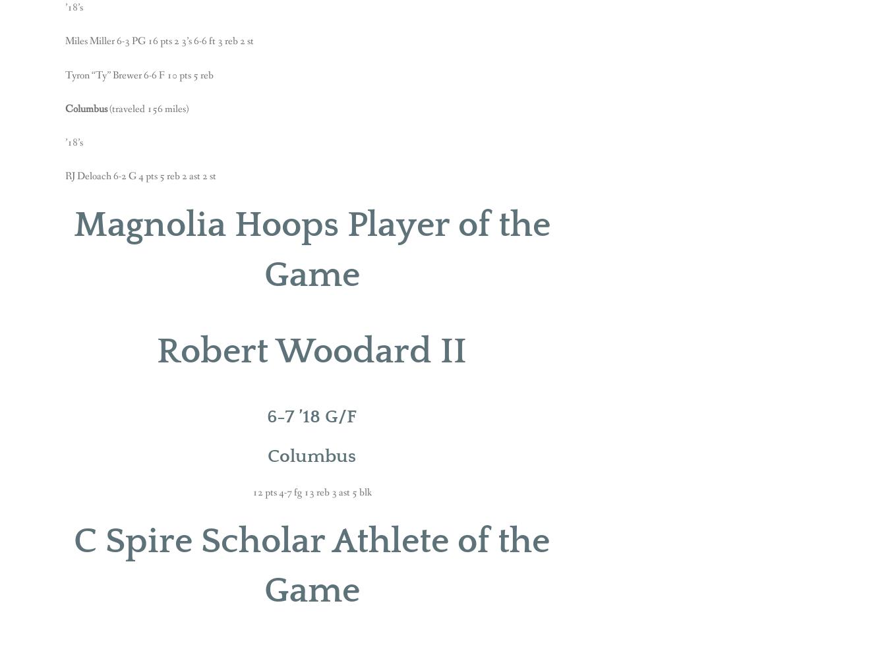 This screenshot has height=651, width=890. I want to click on '12 pts 4-7 fg 13 reb 3 ast 5 blk', so click(311, 491).